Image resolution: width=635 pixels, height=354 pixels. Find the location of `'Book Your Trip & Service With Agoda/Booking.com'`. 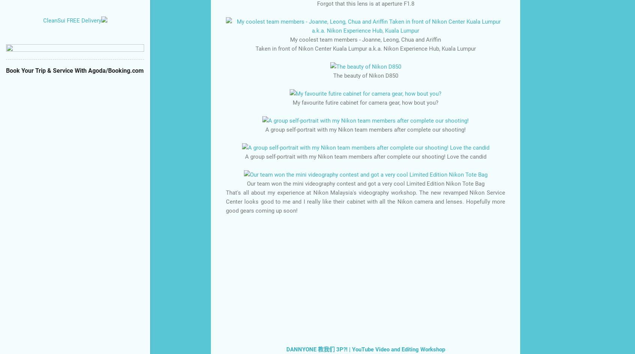

'Book Your Trip & Service With Agoda/Booking.com' is located at coordinates (74, 70).